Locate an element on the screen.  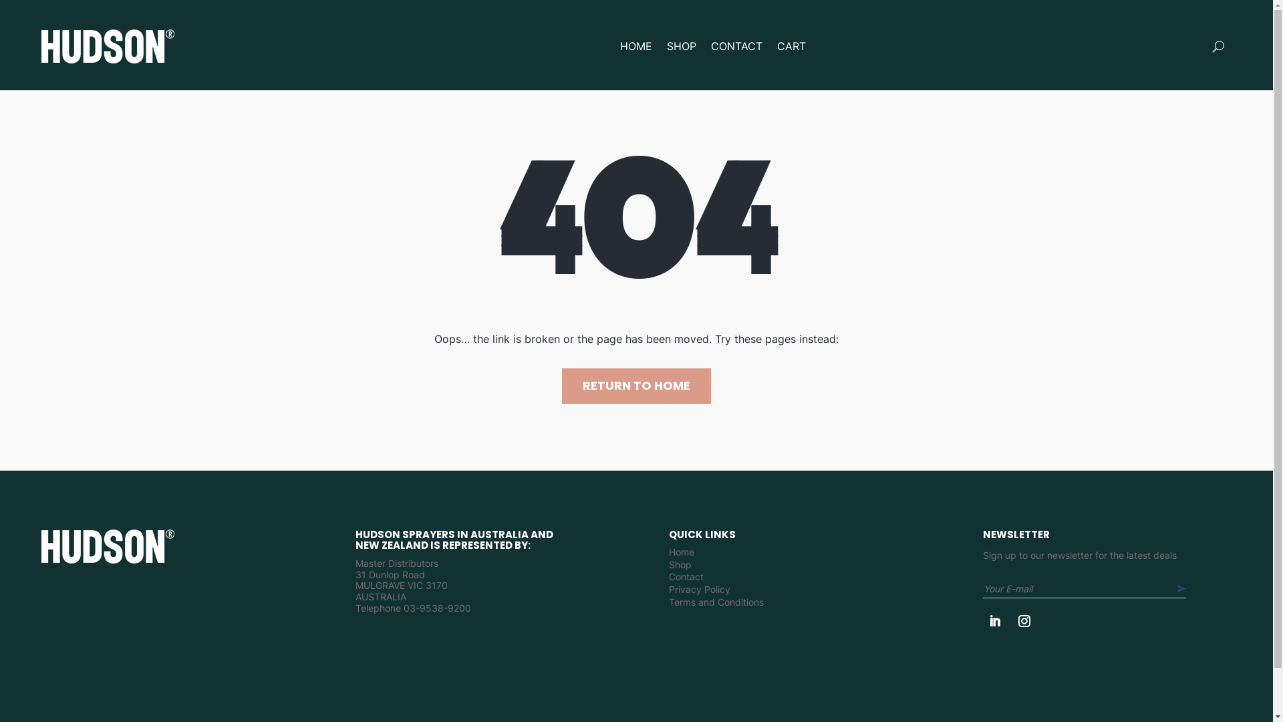
'SUBMIT' is located at coordinates (1177, 588).